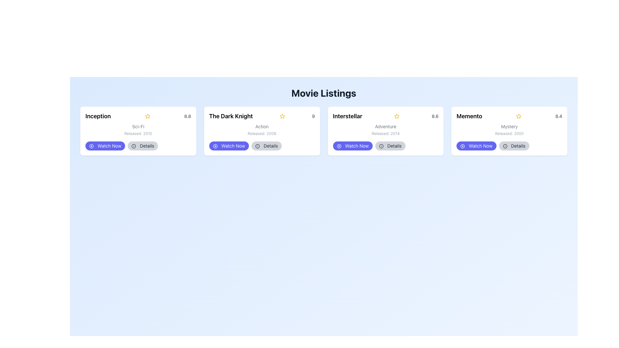 This screenshot has height=348, width=619. I want to click on the 'Details' button with a light gray background and information icon, located to the right of the 'Watch Now' button in the 'Interstellar' movie listing, so click(390, 146).